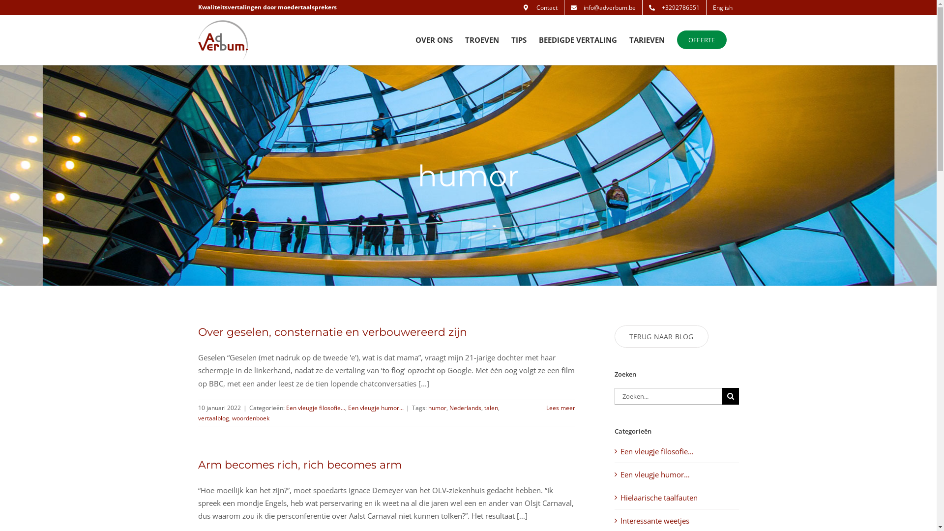 This screenshot has height=531, width=944. What do you see at coordinates (722, 7) in the screenshot?
I see `'English'` at bounding box center [722, 7].